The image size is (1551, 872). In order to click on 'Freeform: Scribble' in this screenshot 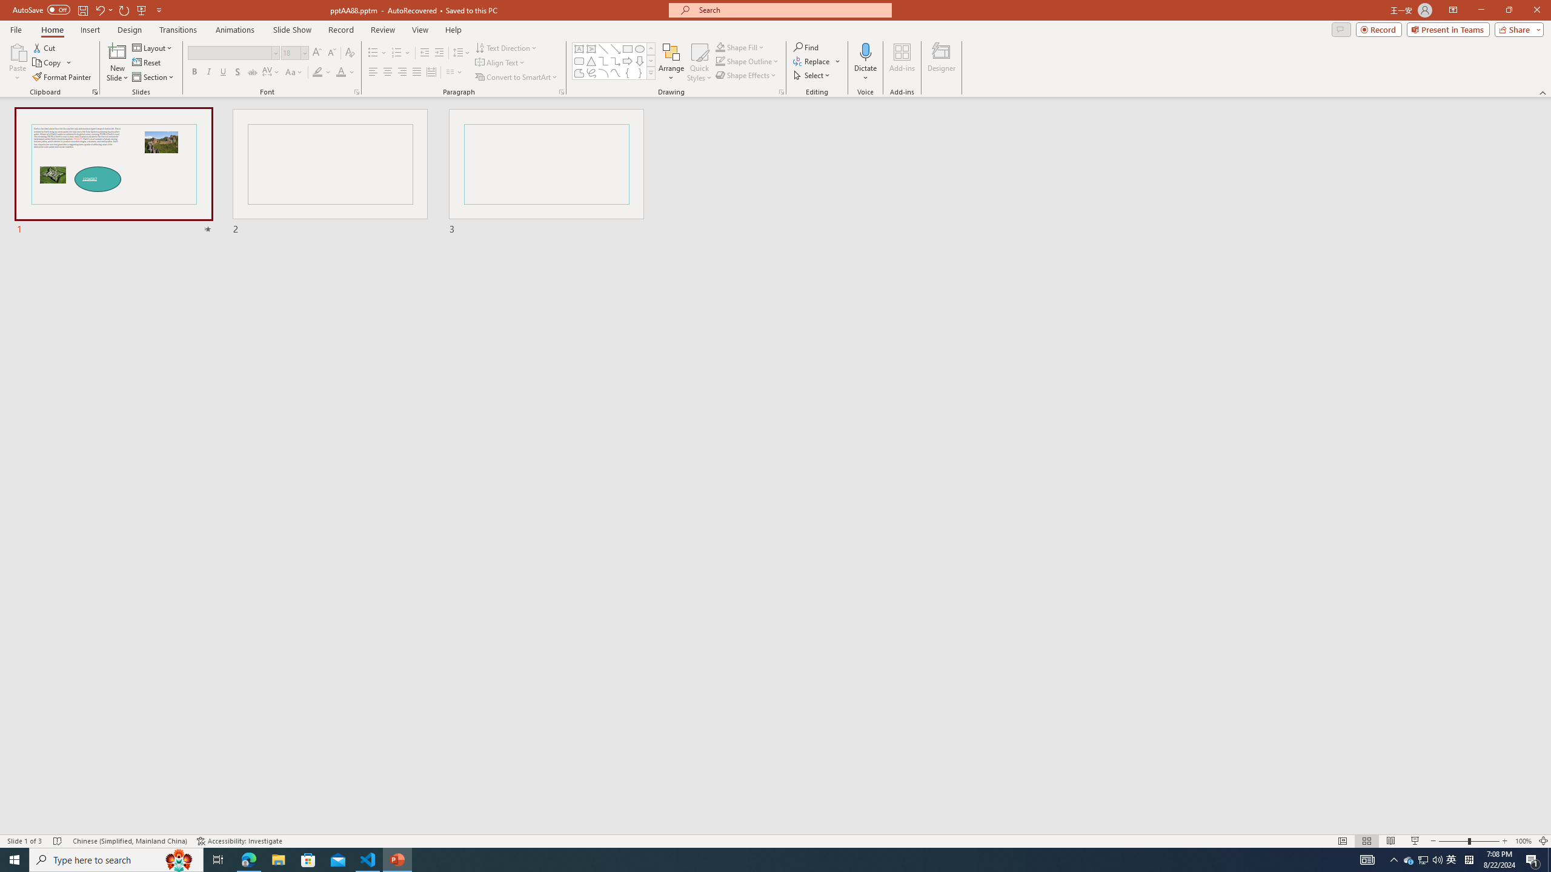, I will do `click(590, 72)`.